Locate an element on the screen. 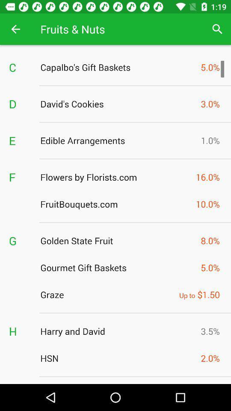 Image resolution: width=231 pixels, height=411 pixels. the item to the left of the 8.0% is located at coordinates (118, 241).